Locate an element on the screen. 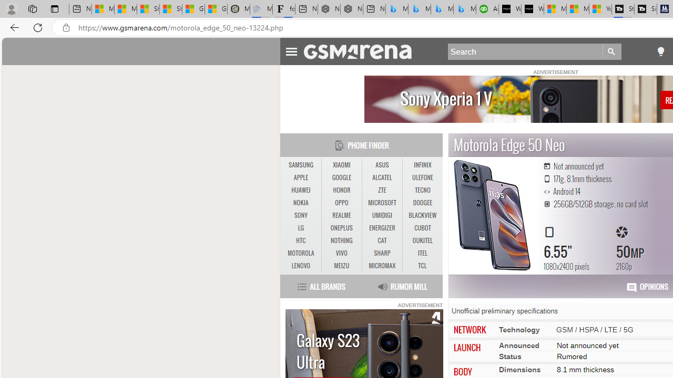 The image size is (673, 378). 'NOKIA' is located at coordinates (300, 203).